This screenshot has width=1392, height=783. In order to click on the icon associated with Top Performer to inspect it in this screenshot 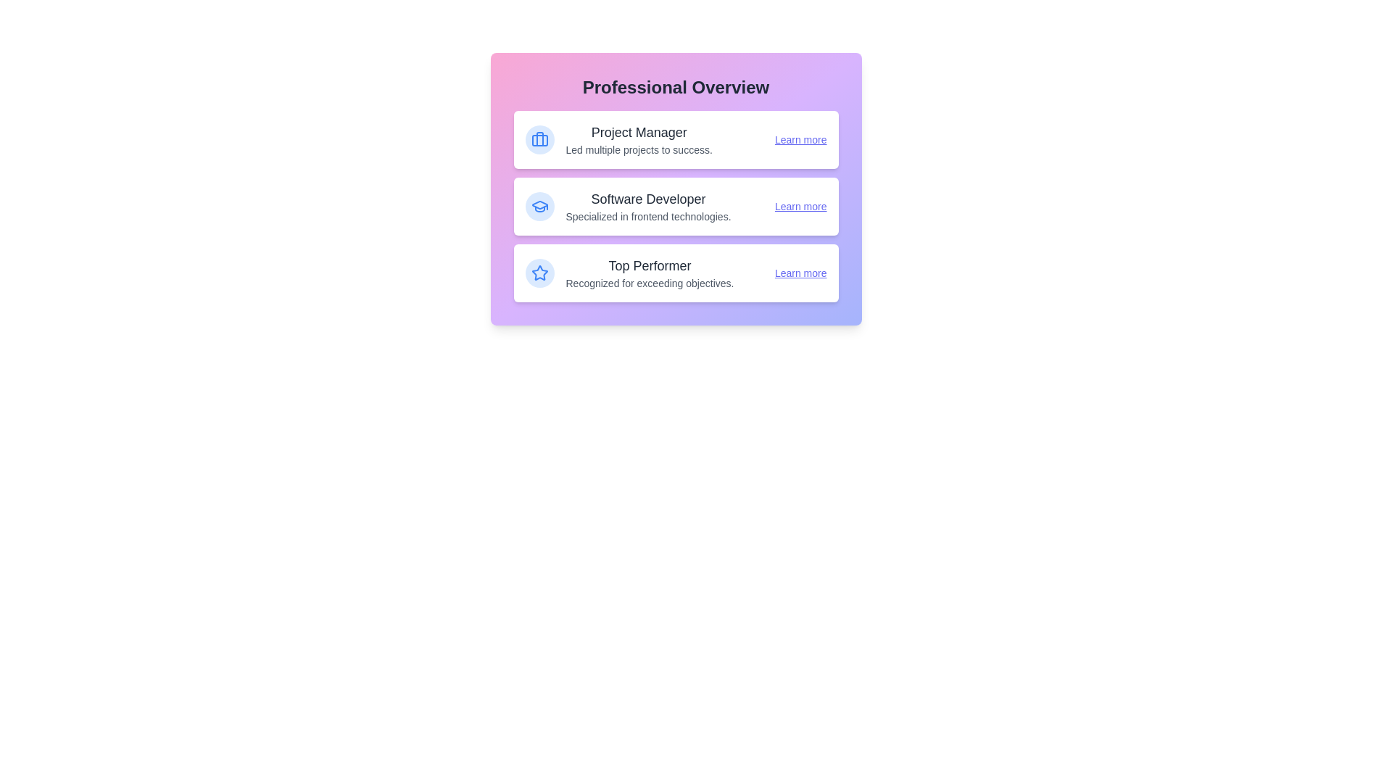, I will do `click(539, 273)`.